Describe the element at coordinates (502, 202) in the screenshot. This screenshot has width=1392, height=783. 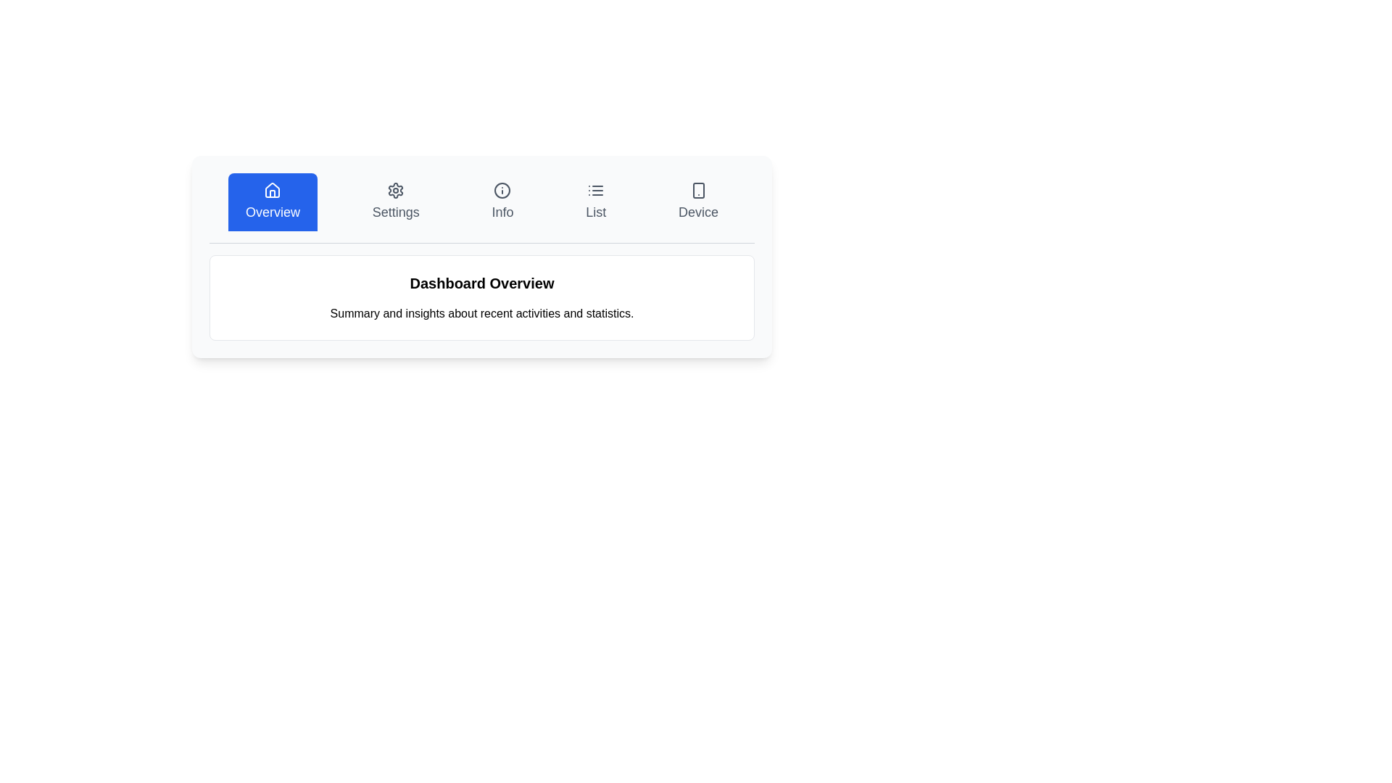
I see `the 'Info' button located in the navigation bar, which is the third button from the left` at that location.